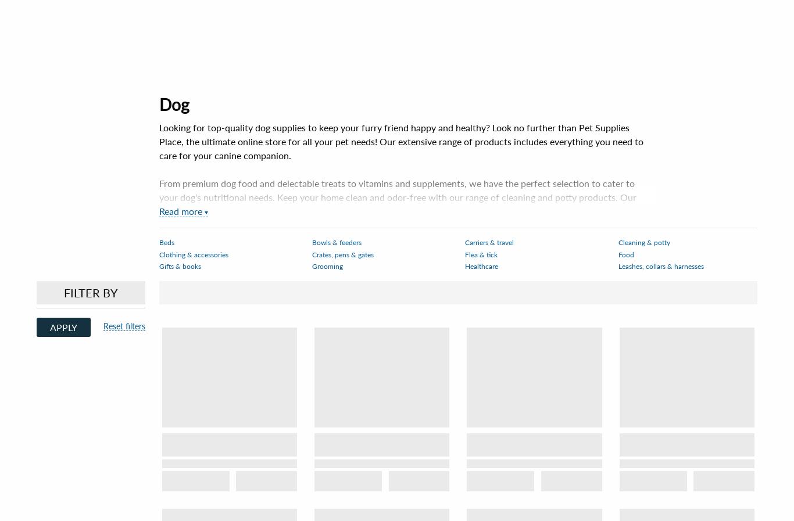 This screenshot has width=794, height=521. Describe the element at coordinates (727, 13) in the screenshot. I see `'Cart'` at that location.